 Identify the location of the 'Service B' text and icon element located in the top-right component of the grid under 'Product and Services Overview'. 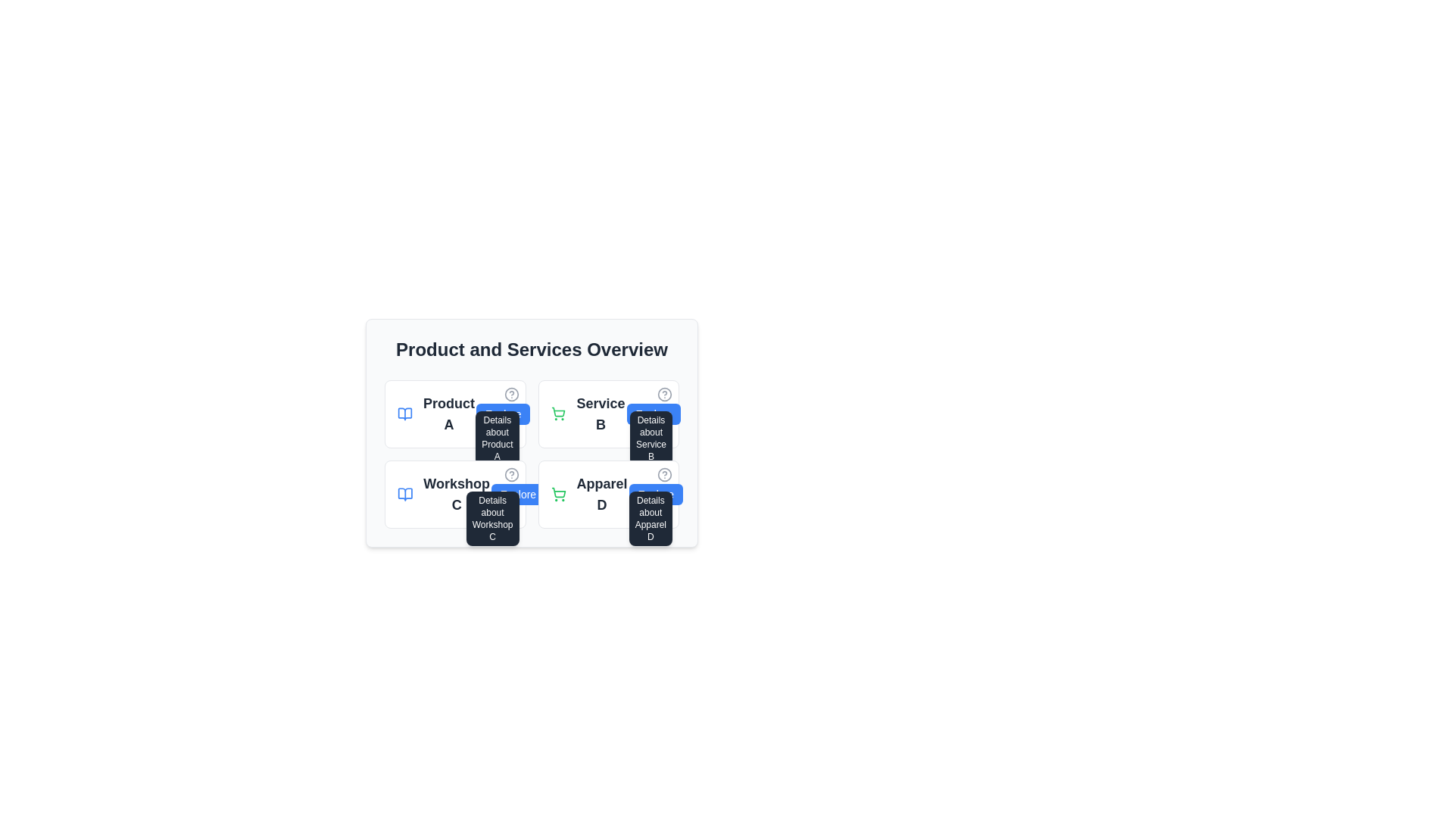
(588, 414).